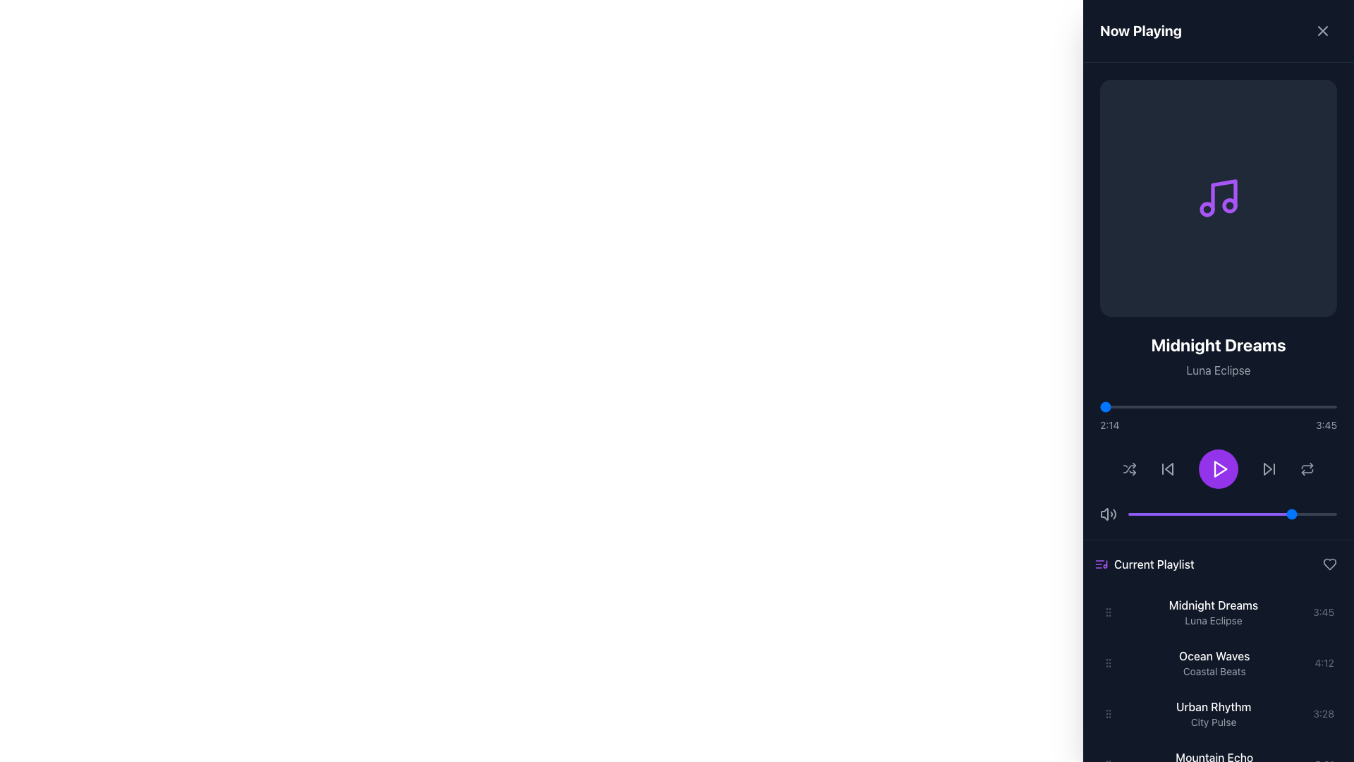 The width and height of the screenshot is (1354, 762). Describe the element at coordinates (1157, 514) in the screenshot. I see `the slider value` at that location.